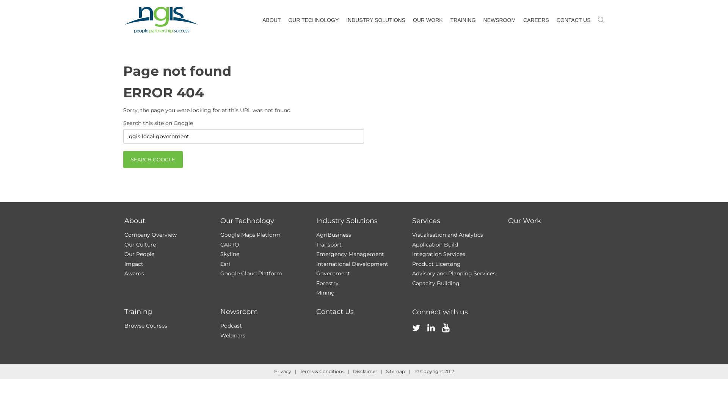 The height and width of the screenshot is (409, 728). What do you see at coordinates (313, 20) in the screenshot?
I see `'OUR TECHNOLOGY'` at bounding box center [313, 20].